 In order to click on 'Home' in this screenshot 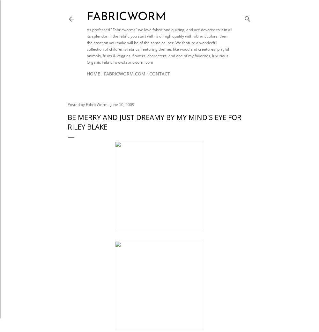, I will do `click(93, 74)`.